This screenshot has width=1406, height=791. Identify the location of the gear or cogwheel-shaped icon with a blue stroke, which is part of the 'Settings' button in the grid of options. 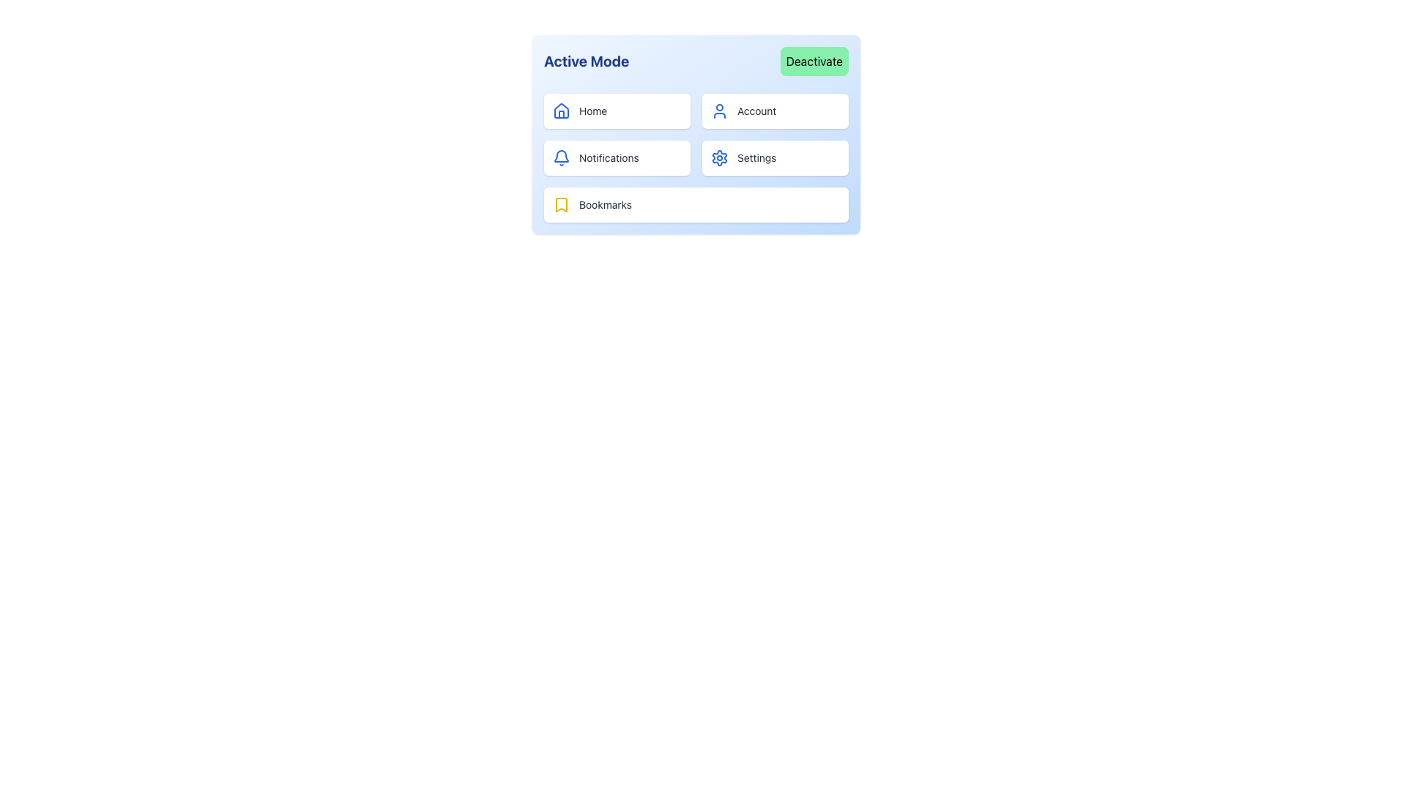
(720, 158).